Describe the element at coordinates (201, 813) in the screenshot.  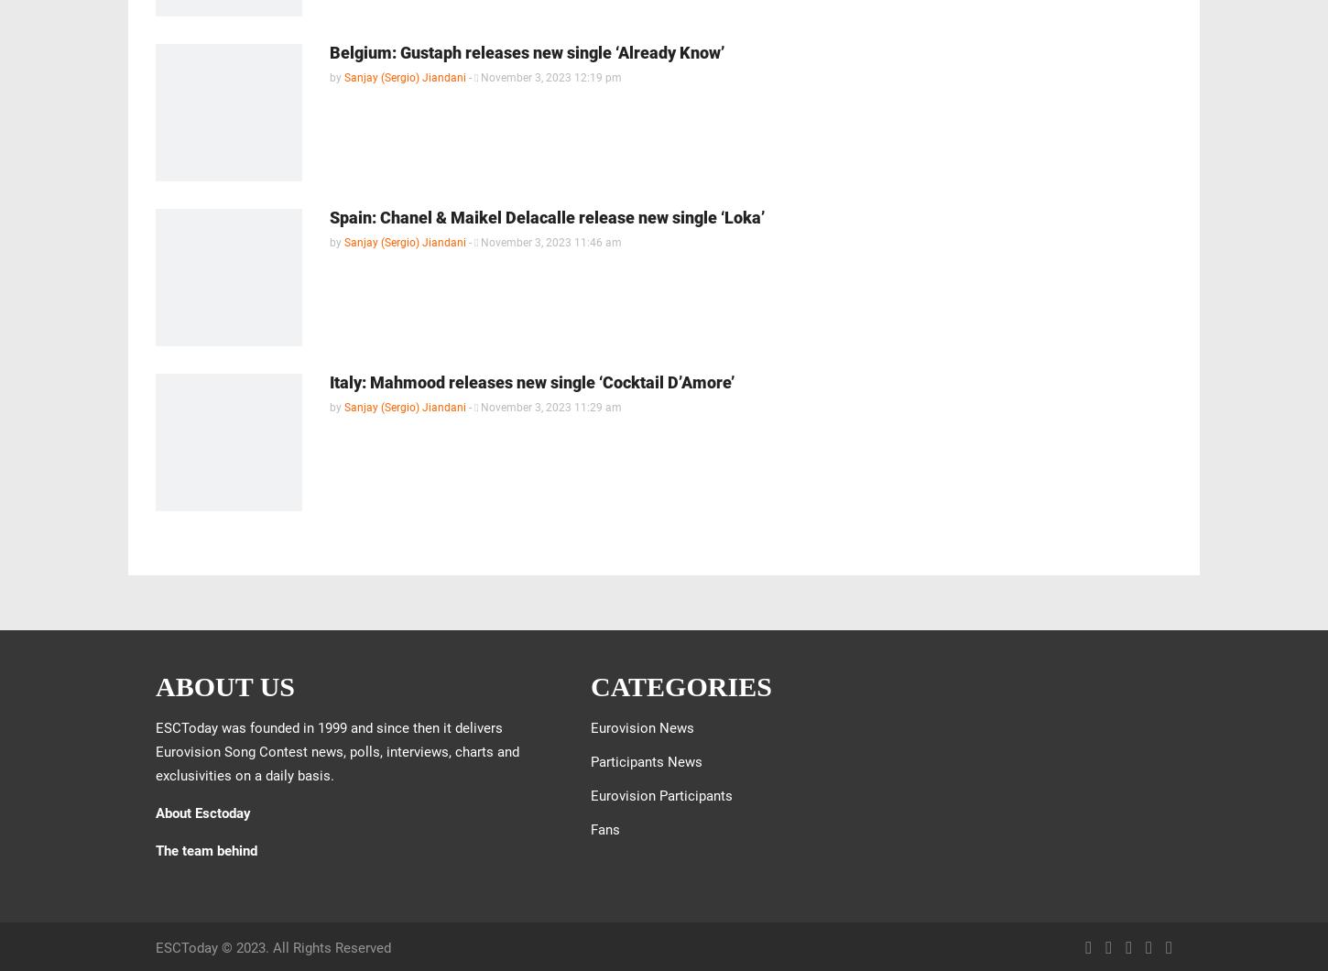
I see `'About Esctoday'` at that location.